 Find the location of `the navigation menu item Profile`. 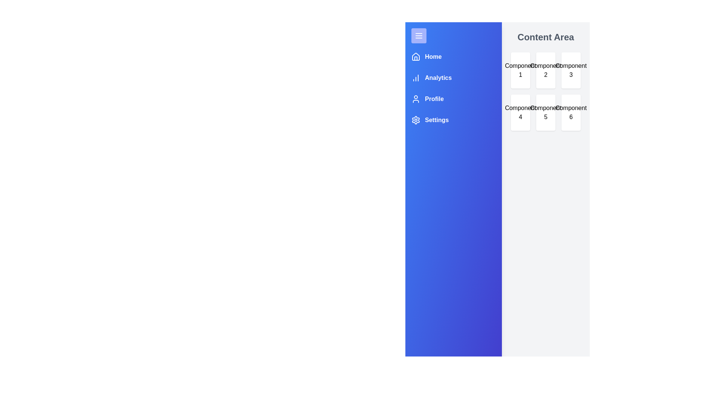

the navigation menu item Profile is located at coordinates (427, 98).